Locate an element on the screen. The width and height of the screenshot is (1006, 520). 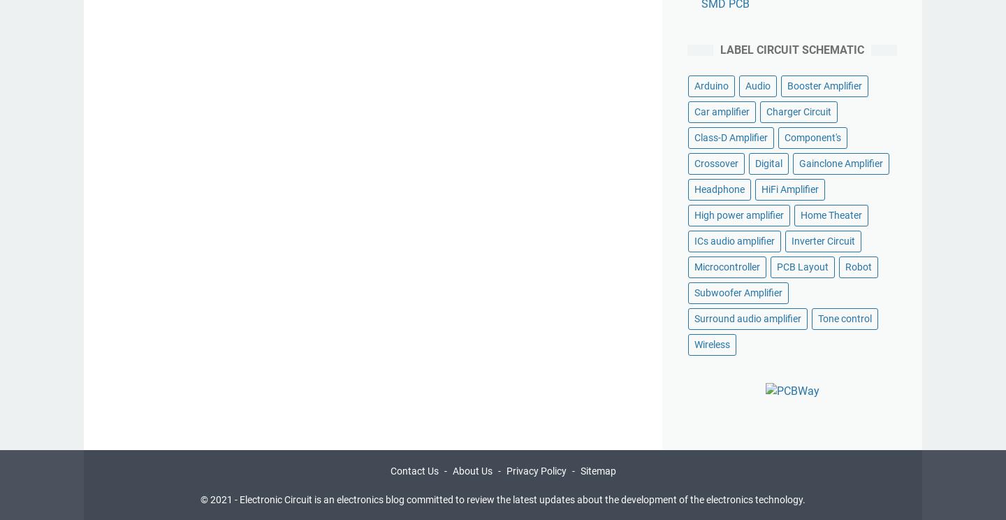
'© 2021 -' is located at coordinates (220, 498).